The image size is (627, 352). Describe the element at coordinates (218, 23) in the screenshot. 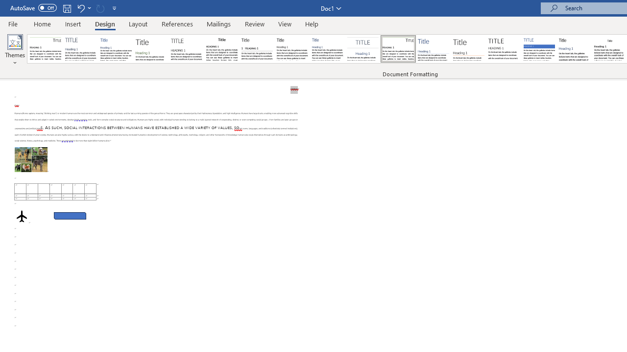

I see `'Mailings'` at that location.